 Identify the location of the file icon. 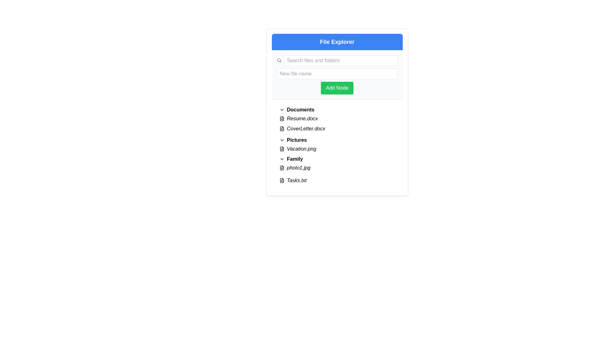
(281, 180).